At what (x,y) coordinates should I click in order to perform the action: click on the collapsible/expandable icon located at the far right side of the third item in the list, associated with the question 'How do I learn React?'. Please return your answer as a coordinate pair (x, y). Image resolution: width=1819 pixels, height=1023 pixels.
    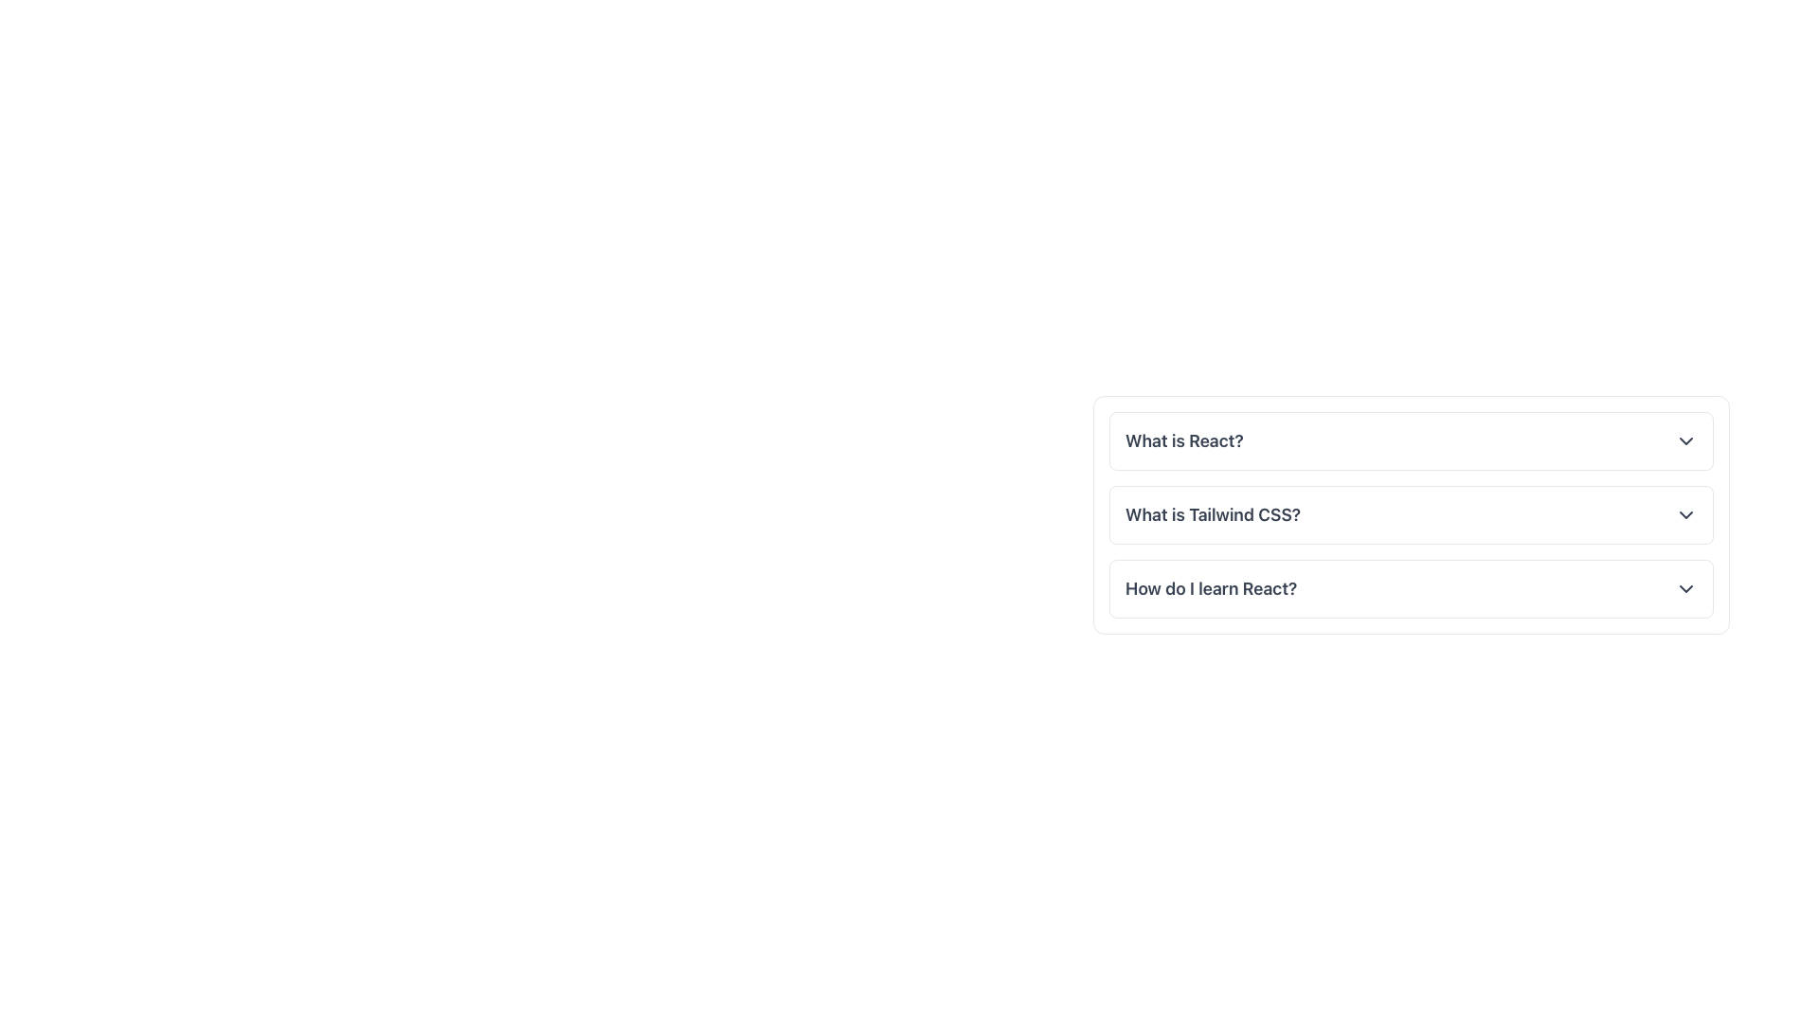
    Looking at the image, I should click on (1686, 587).